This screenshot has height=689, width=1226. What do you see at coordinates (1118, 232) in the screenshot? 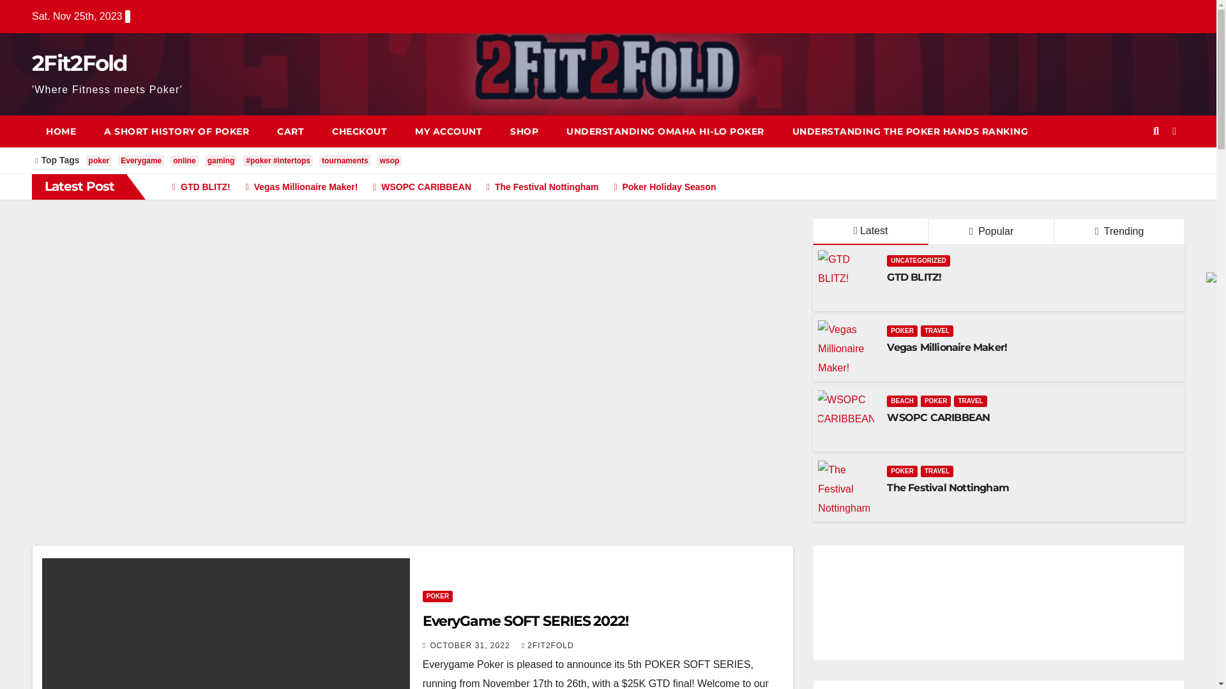
I see `'Trending'` at bounding box center [1118, 232].